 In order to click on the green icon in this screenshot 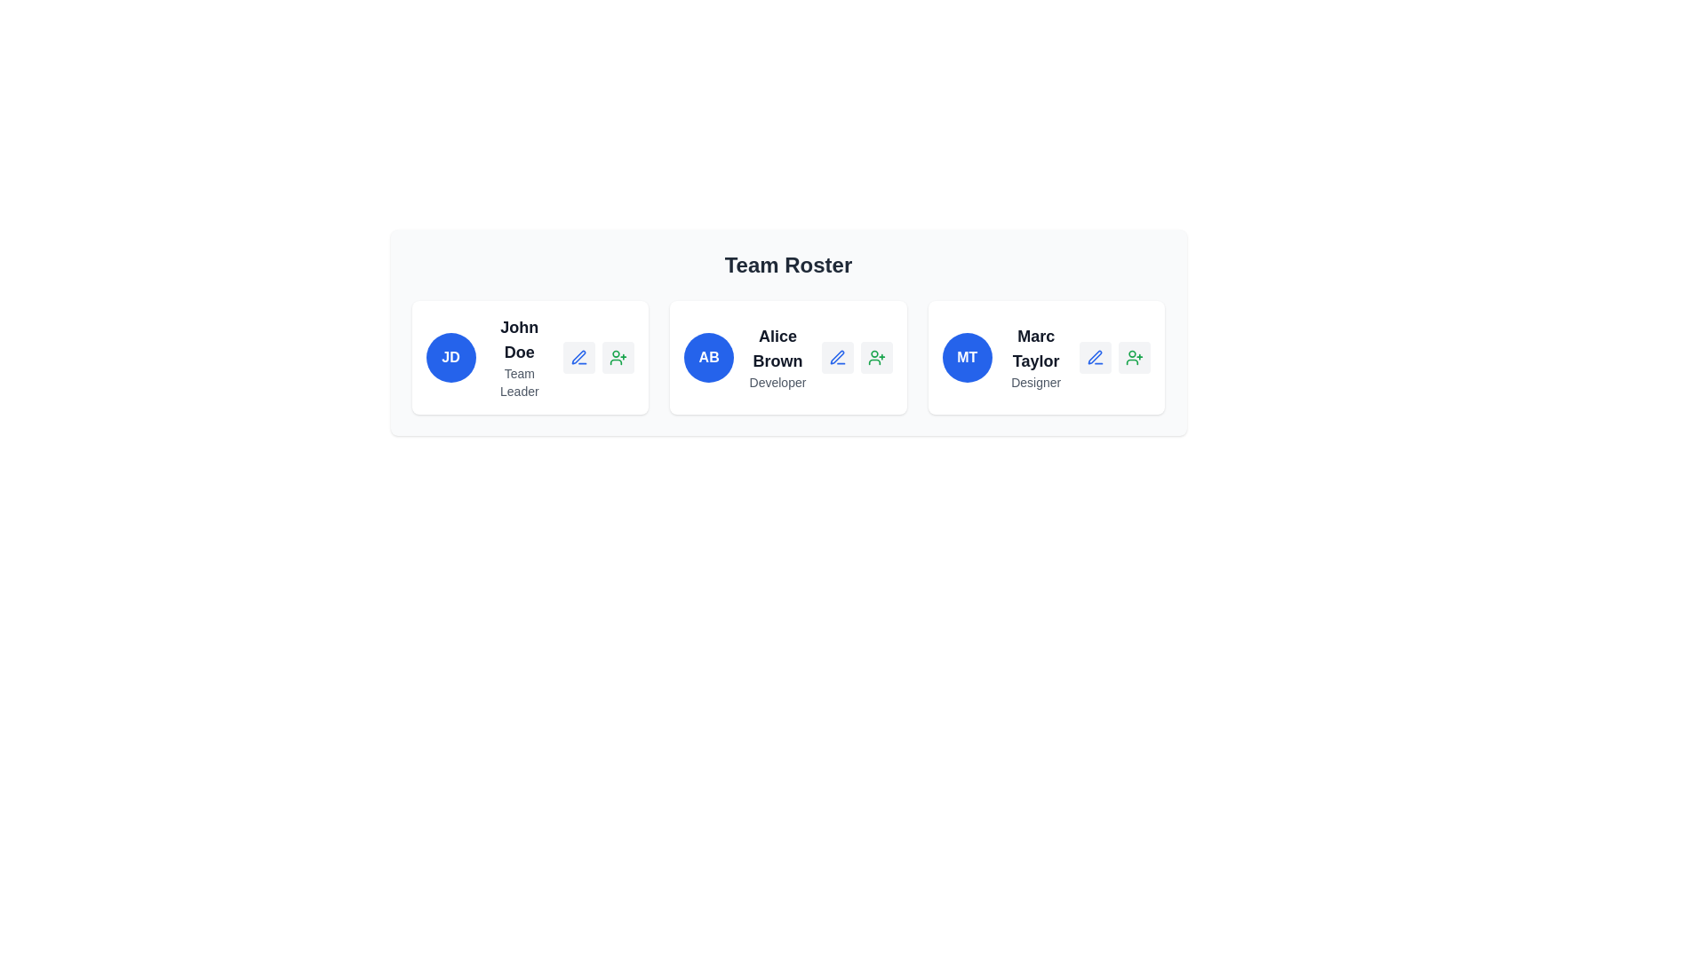, I will do `click(876, 357)`.